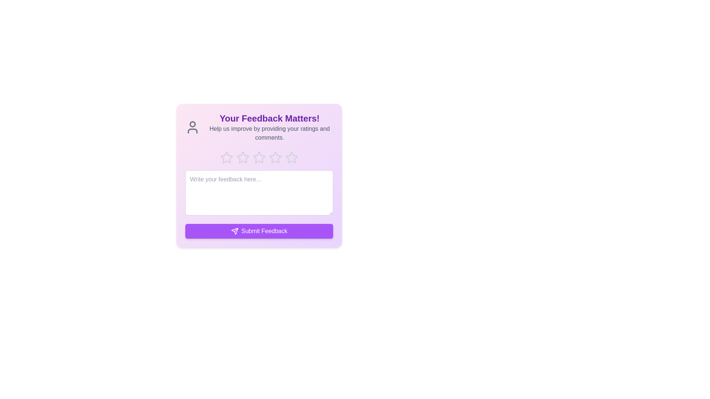  I want to click on the star corresponding to 3 to preview the rating, so click(259, 157).